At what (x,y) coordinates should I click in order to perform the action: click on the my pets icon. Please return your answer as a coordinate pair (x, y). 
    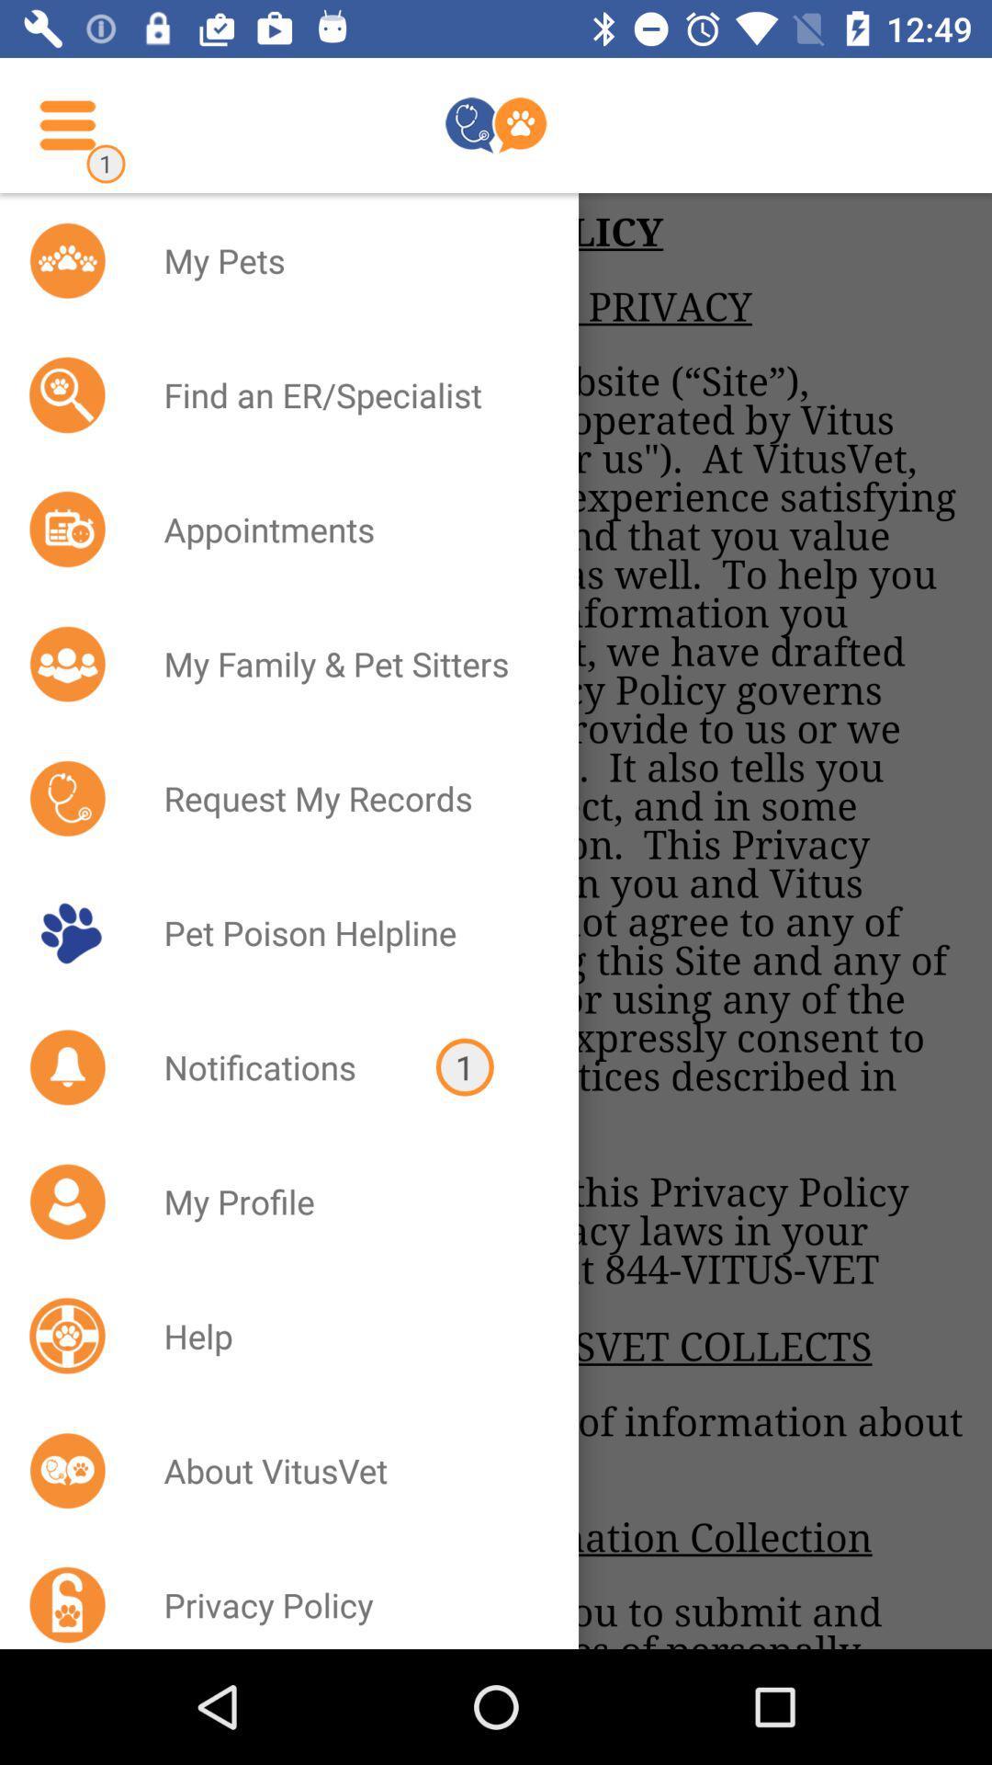
    Looking at the image, I should click on (347, 259).